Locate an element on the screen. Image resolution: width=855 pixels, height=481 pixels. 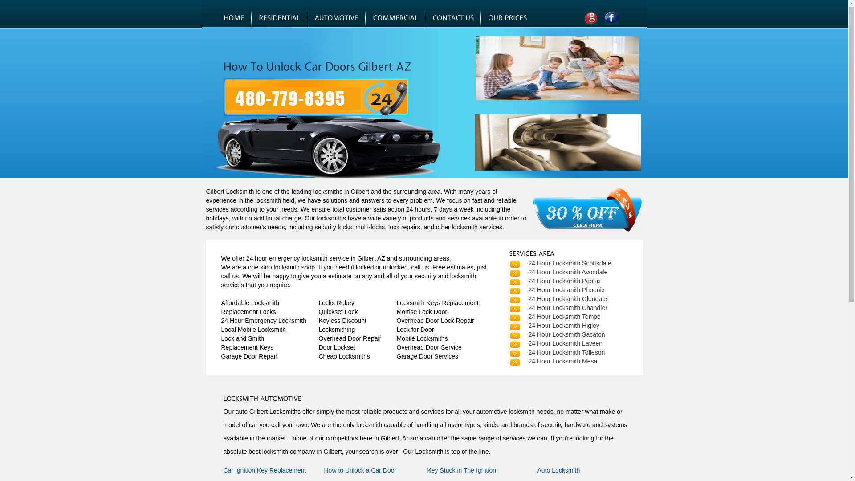
'Mobile Locksmiths' is located at coordinates (395, 338).